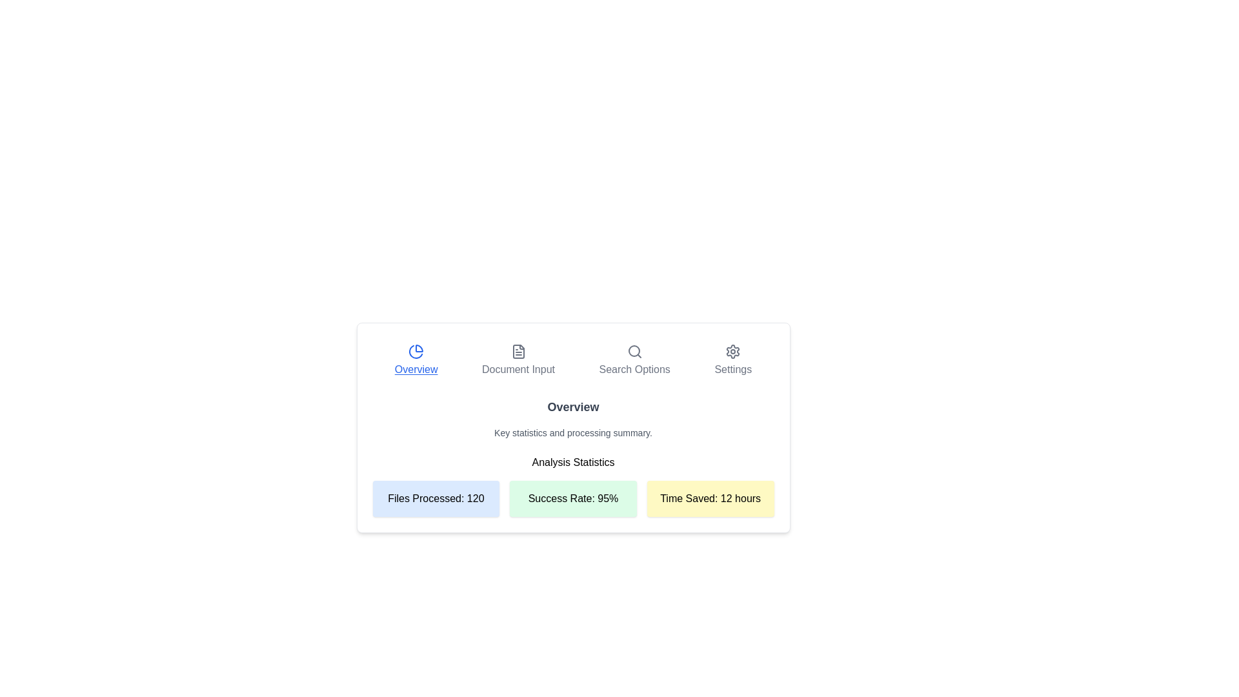  I want to click on the 'Settings' icon located in the menu bar at the top section of the card interface, so click(733, 351).